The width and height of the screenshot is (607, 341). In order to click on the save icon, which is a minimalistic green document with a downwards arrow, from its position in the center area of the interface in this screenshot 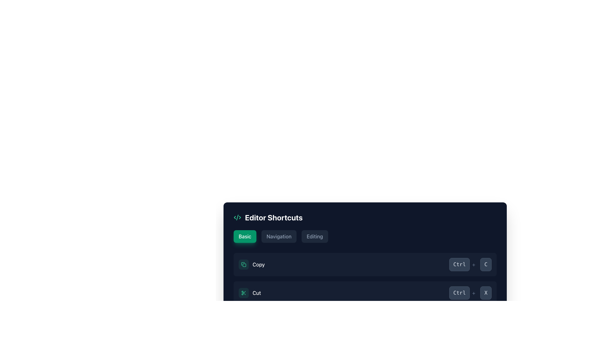, I will do `click(243, 321)`.